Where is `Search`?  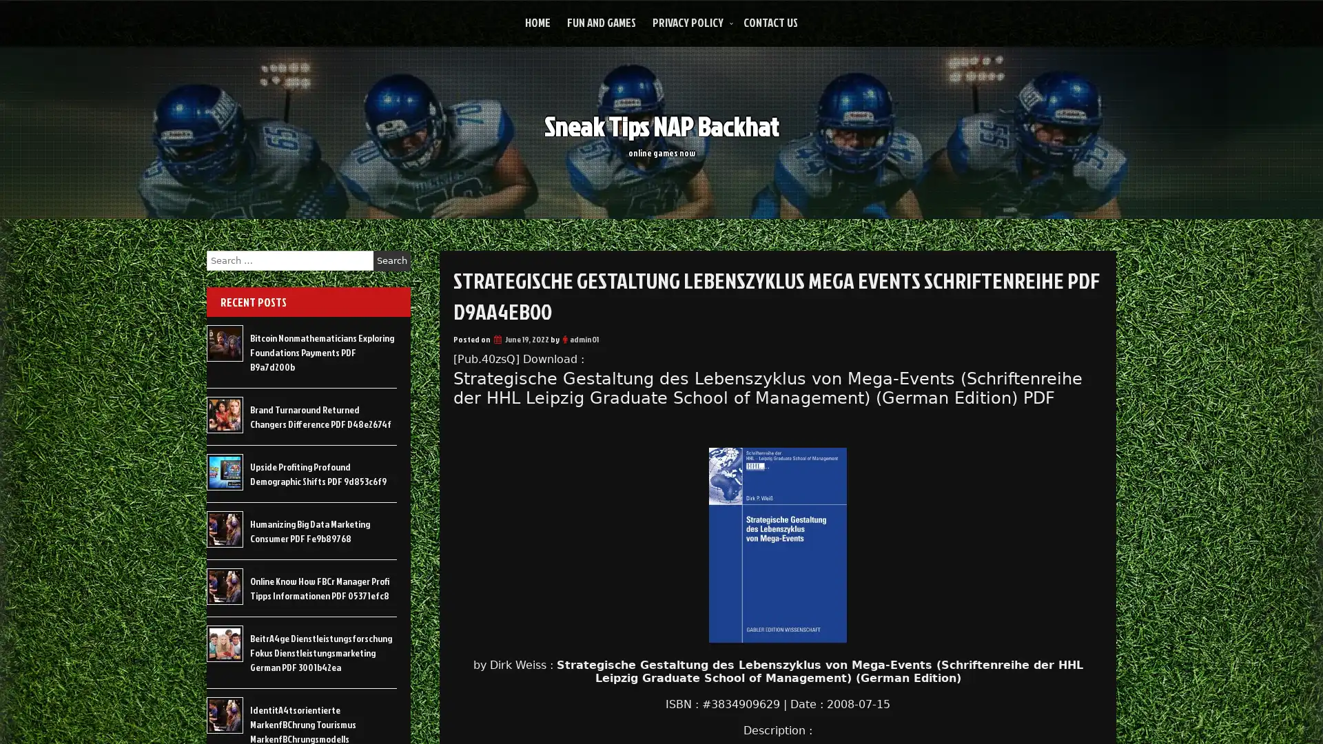 Search is located at coordinates (391, 260).